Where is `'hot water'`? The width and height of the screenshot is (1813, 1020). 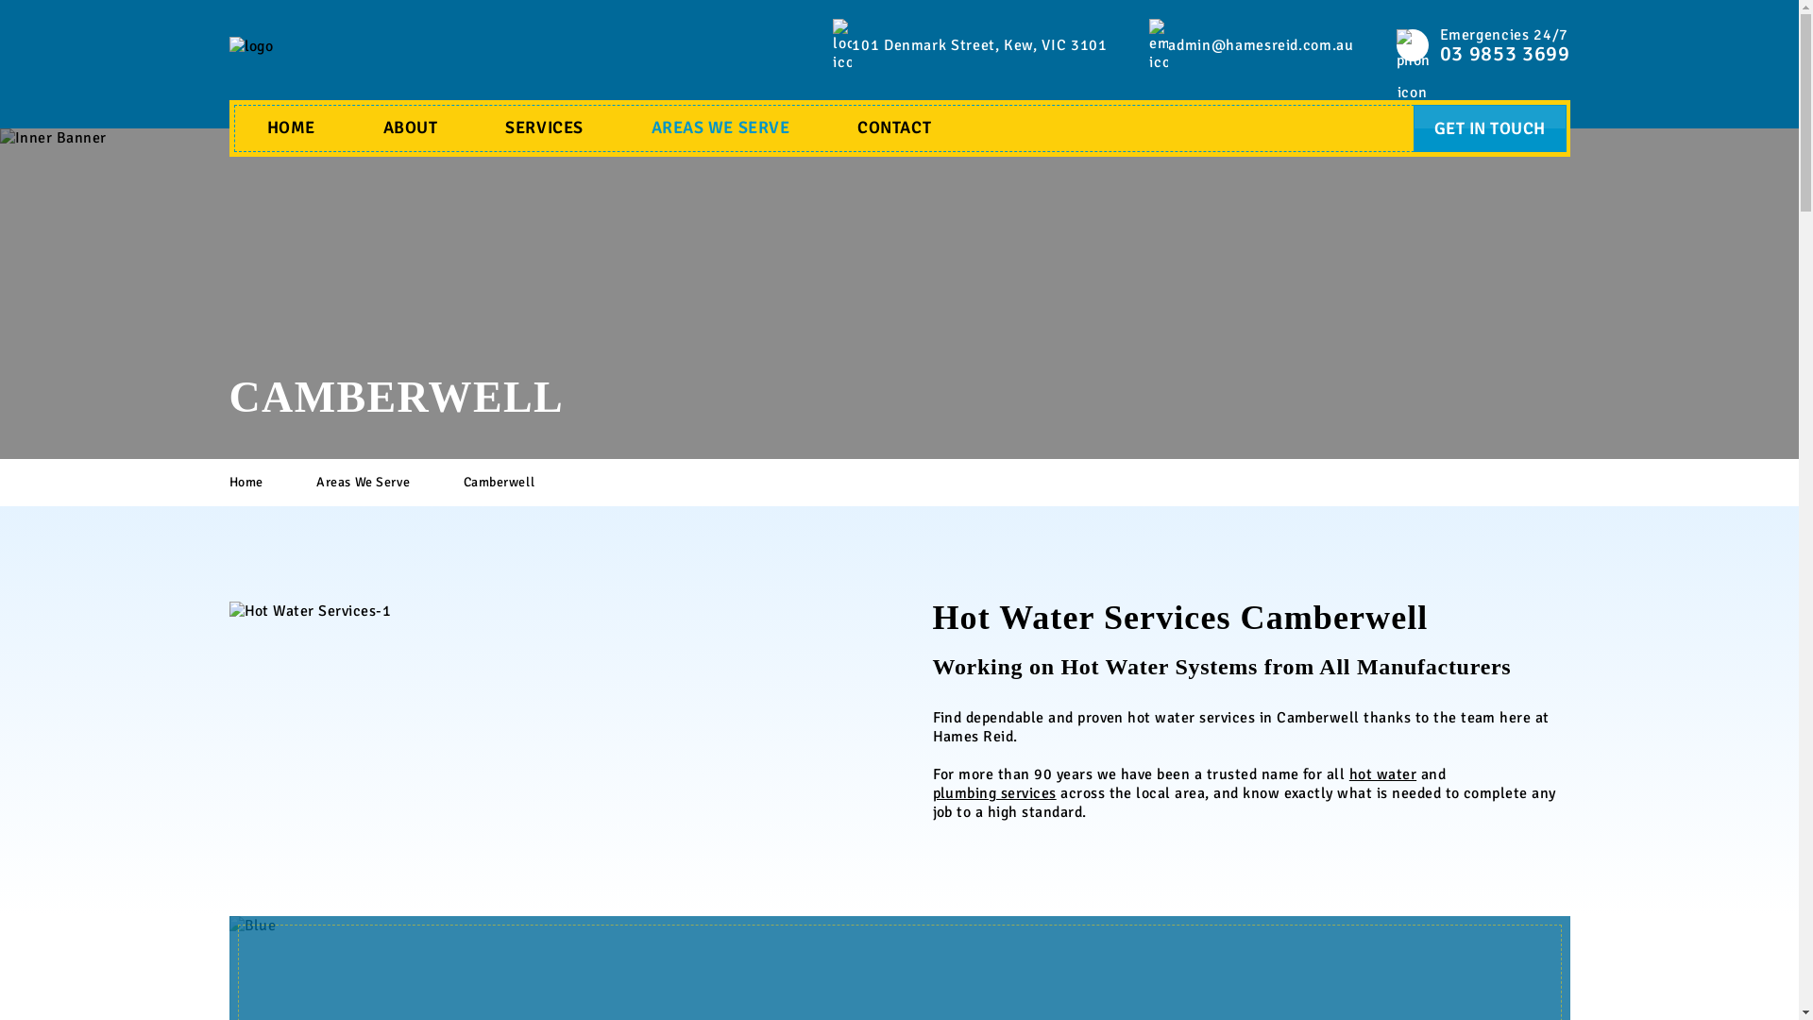
'hot water' is located at coordinates (1382, 774).